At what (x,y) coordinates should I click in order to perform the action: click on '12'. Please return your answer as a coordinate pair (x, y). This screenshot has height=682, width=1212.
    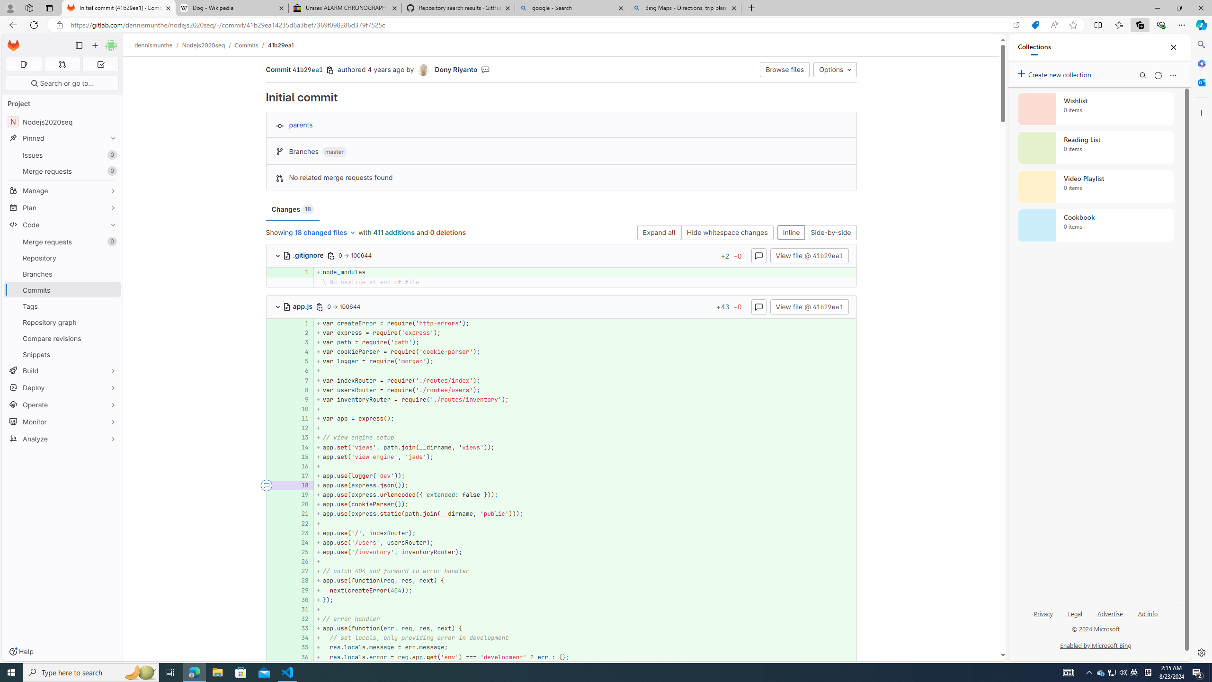
    Looking at the image, I should click on (301, 428).